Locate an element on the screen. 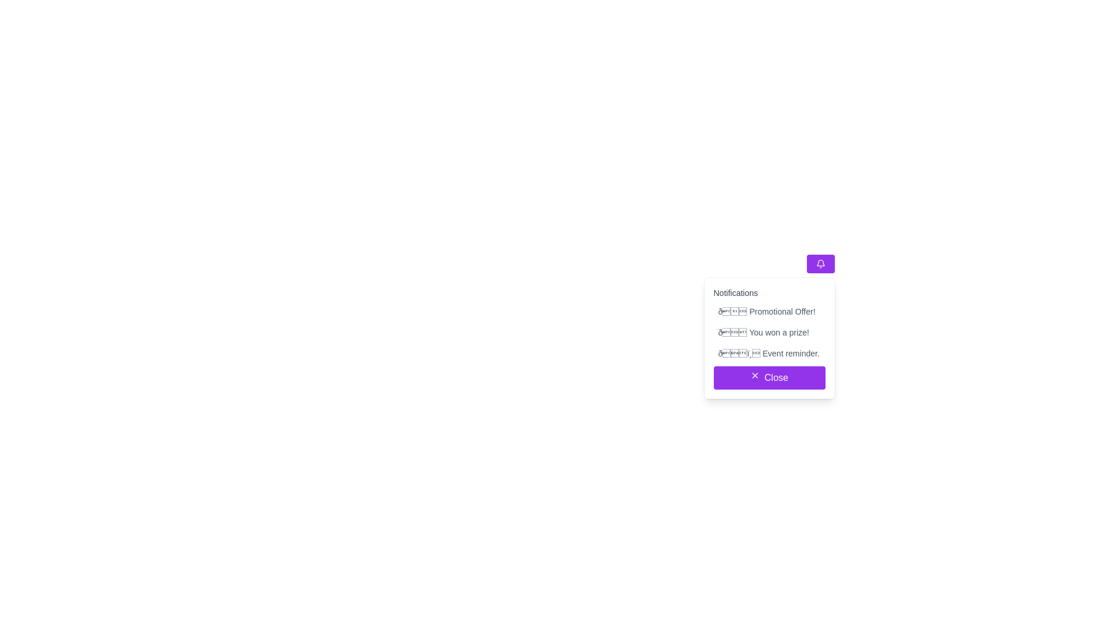  the button located at the bottom of the notification modal is located at coordinates (820, 372).